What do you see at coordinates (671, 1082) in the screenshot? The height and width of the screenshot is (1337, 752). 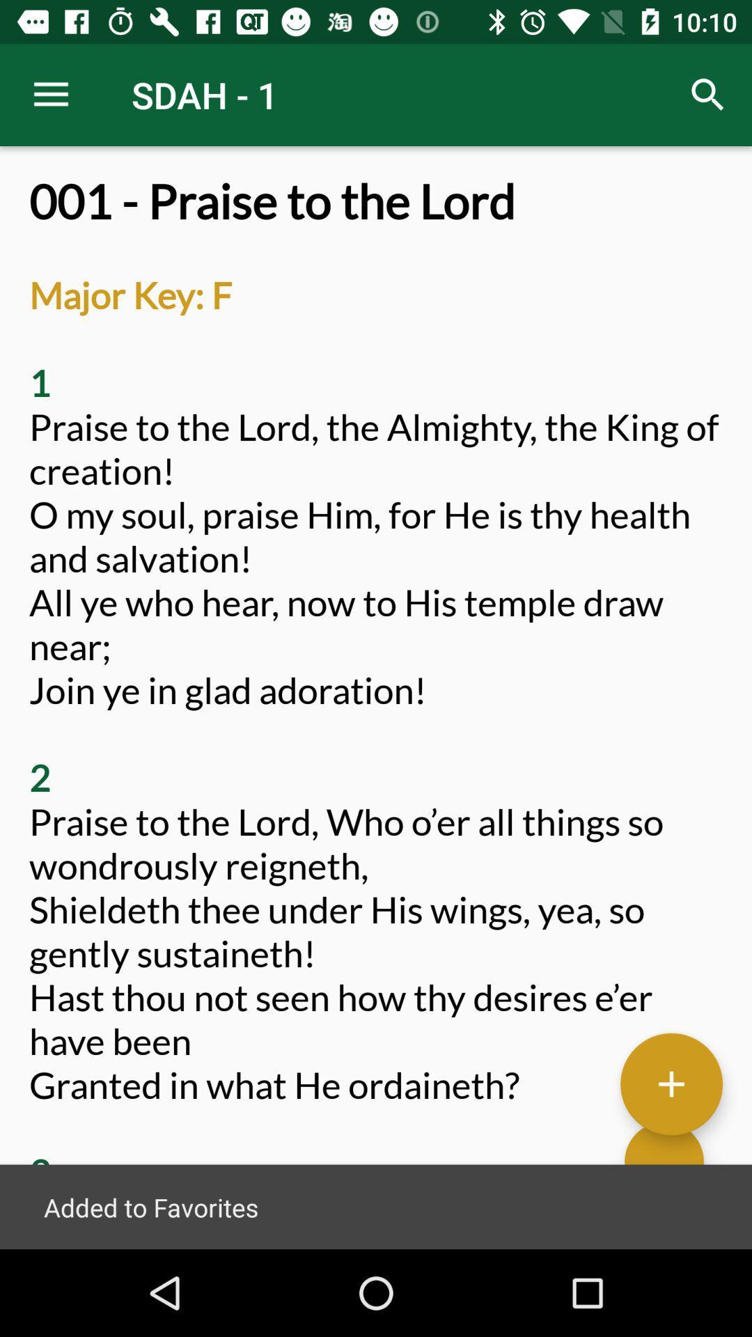 I see `icon above added to favorites` at bounding box center [671, 1082].